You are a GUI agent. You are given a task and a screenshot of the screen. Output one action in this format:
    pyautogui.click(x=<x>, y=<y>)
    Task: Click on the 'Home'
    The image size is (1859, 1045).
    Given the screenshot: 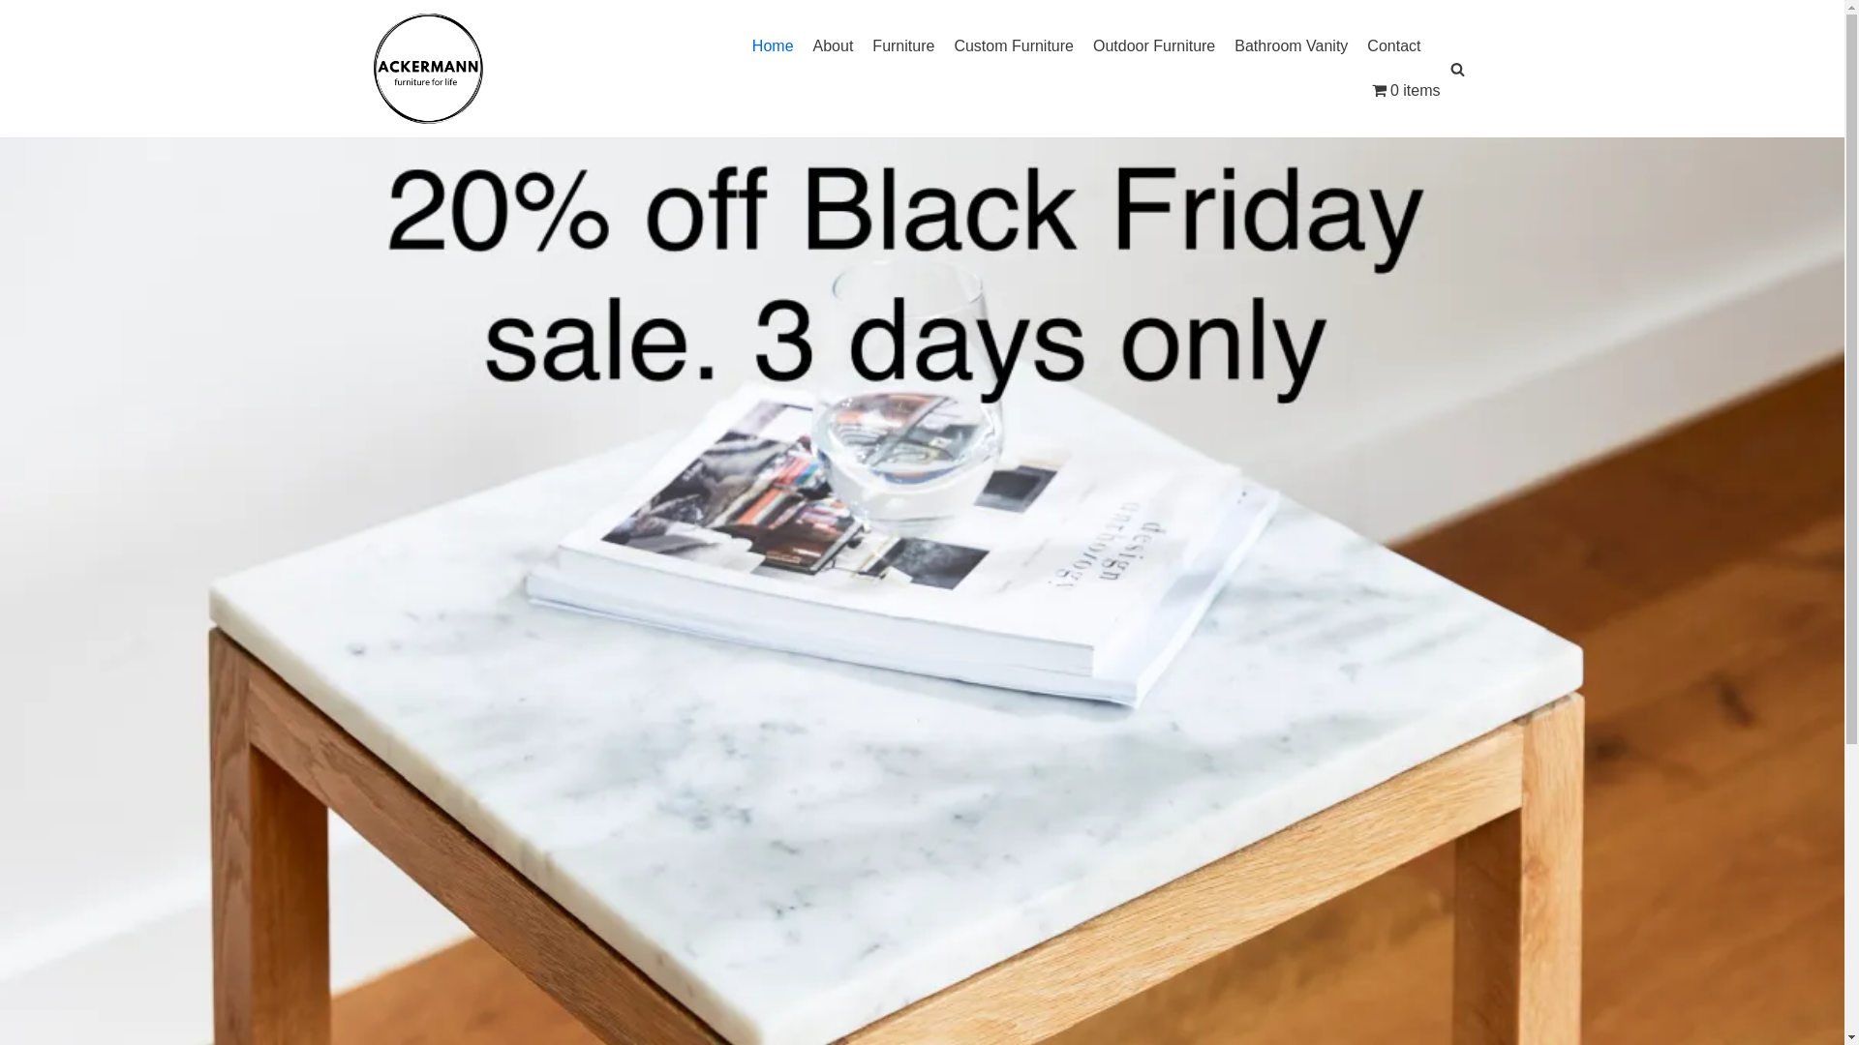 What is the action you would take?
    pyautogui.click(x=772, y=45)
    